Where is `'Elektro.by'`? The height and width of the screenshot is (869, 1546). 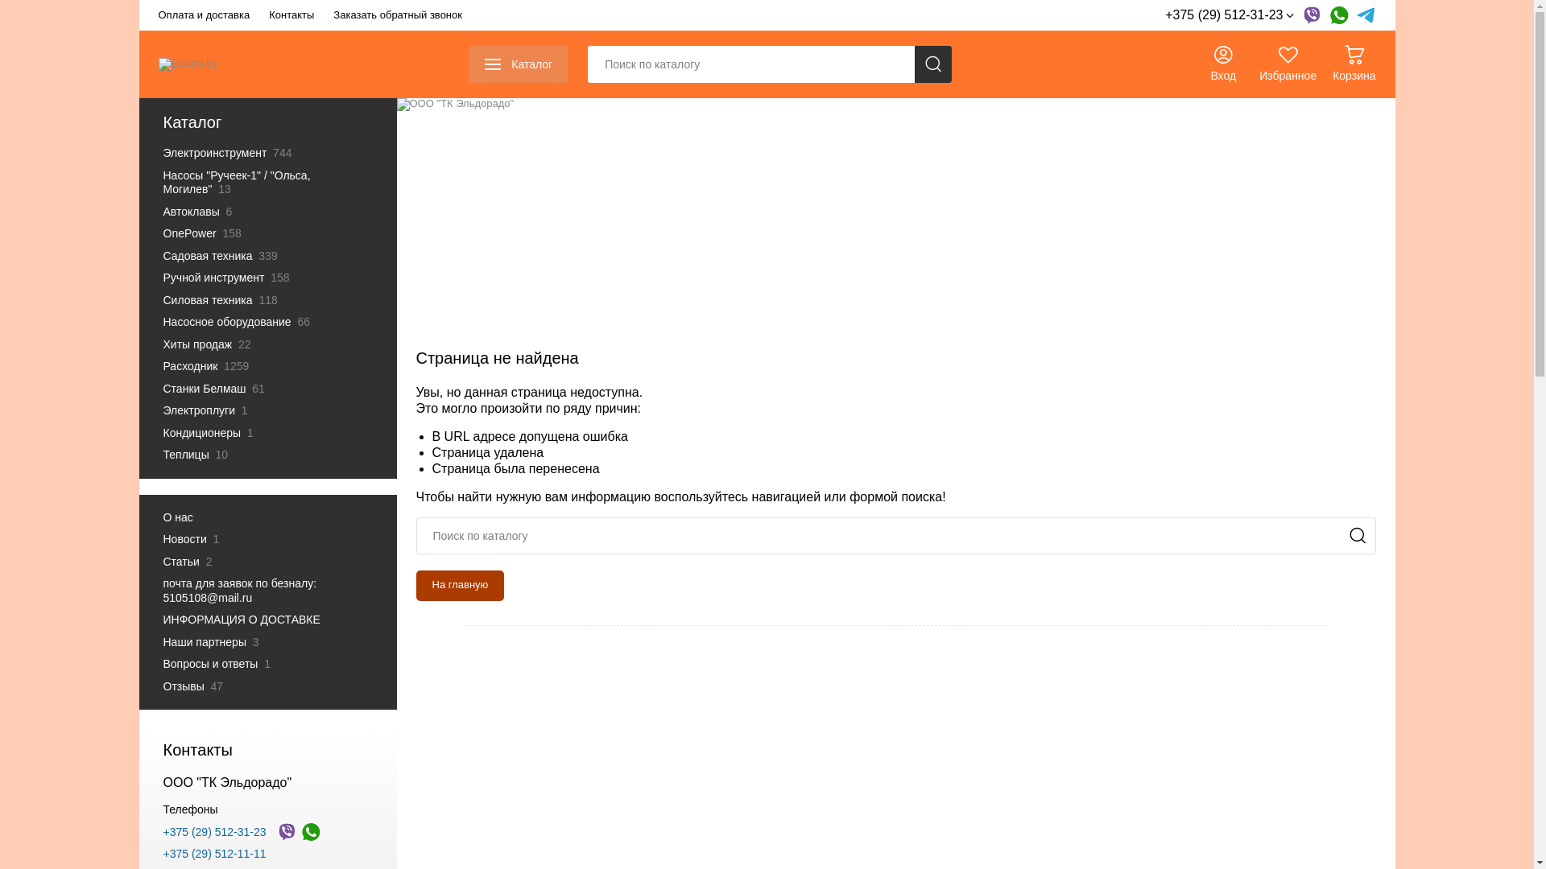
'Elektro.by' is located at coordinates (188, 64).